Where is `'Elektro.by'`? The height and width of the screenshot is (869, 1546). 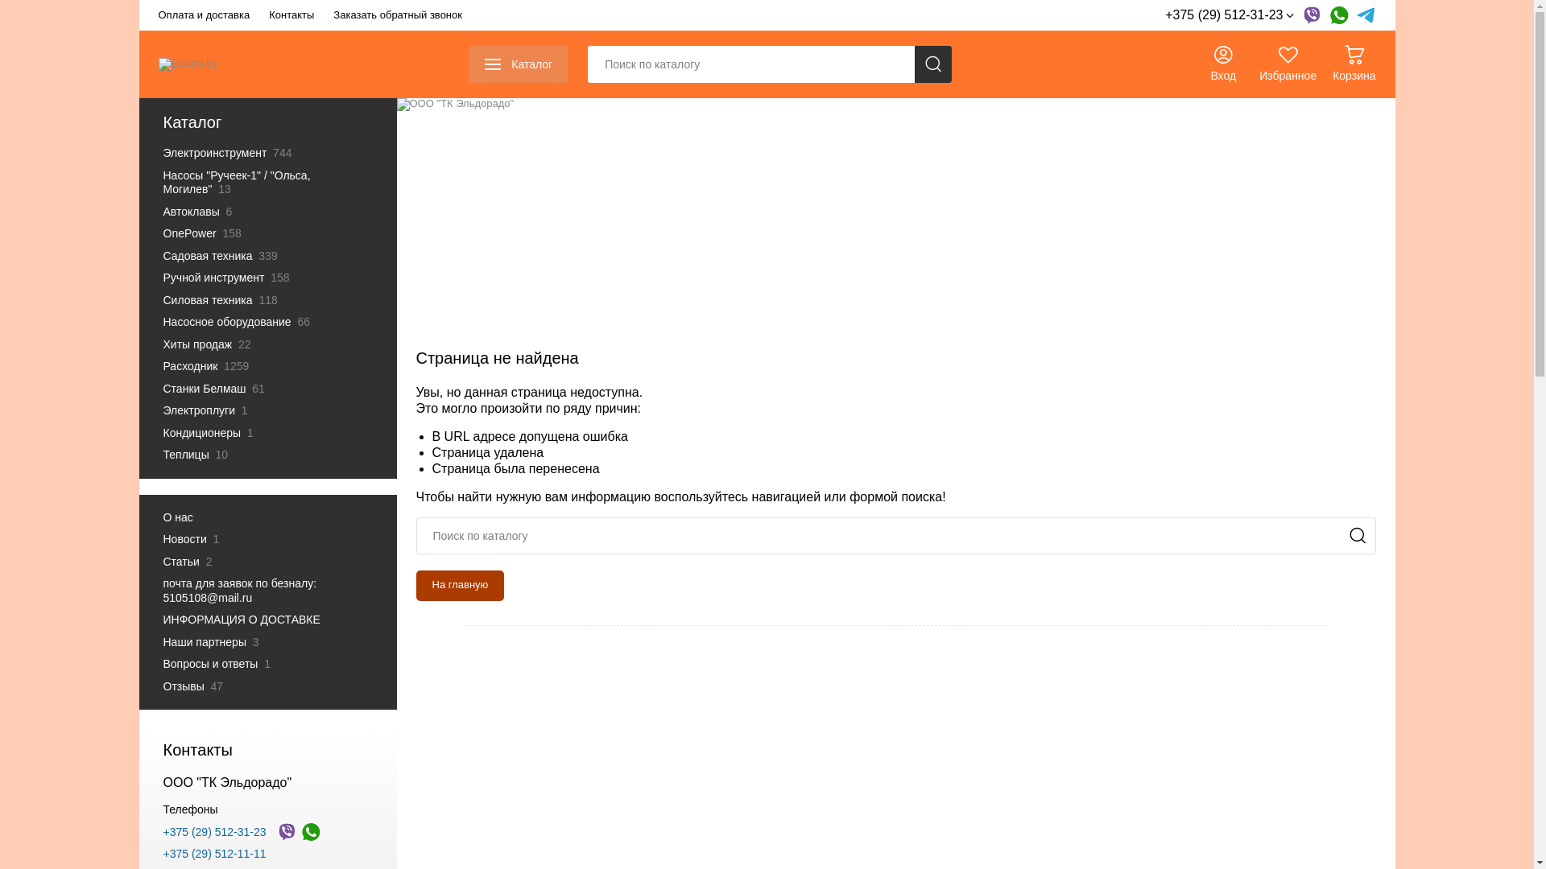
'Elektro.by' is located at coordinates (188, 64).